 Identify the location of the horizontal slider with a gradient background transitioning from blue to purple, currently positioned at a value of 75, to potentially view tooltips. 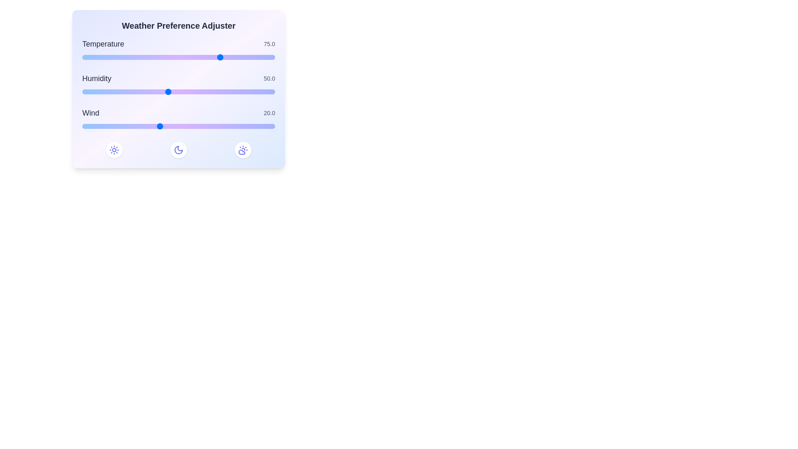
(178, 57).